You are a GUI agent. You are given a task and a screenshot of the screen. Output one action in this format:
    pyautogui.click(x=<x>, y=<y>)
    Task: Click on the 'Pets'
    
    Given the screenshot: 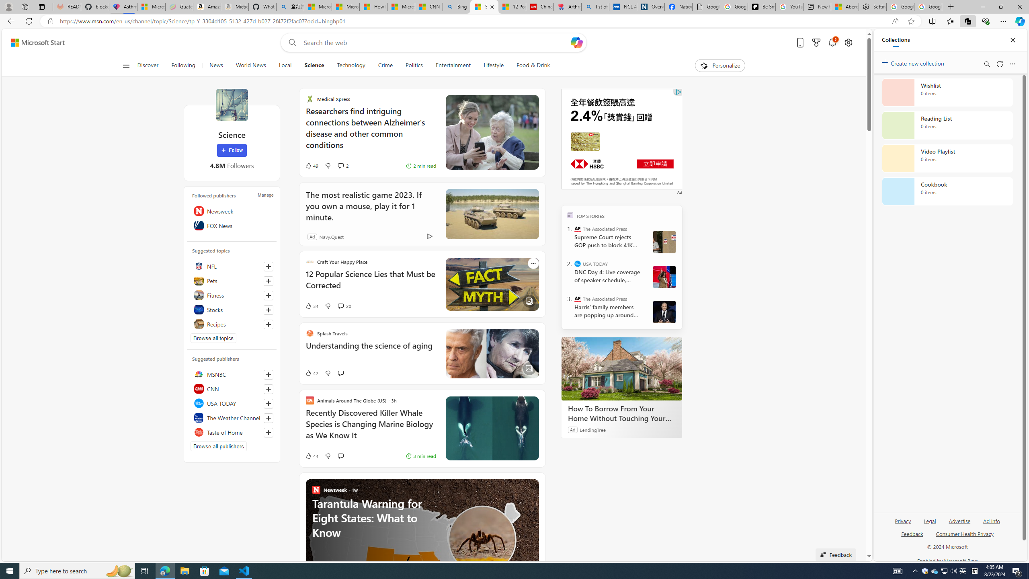 What is the action you would take?
    pyautogui.click(x=231, y=280)
    